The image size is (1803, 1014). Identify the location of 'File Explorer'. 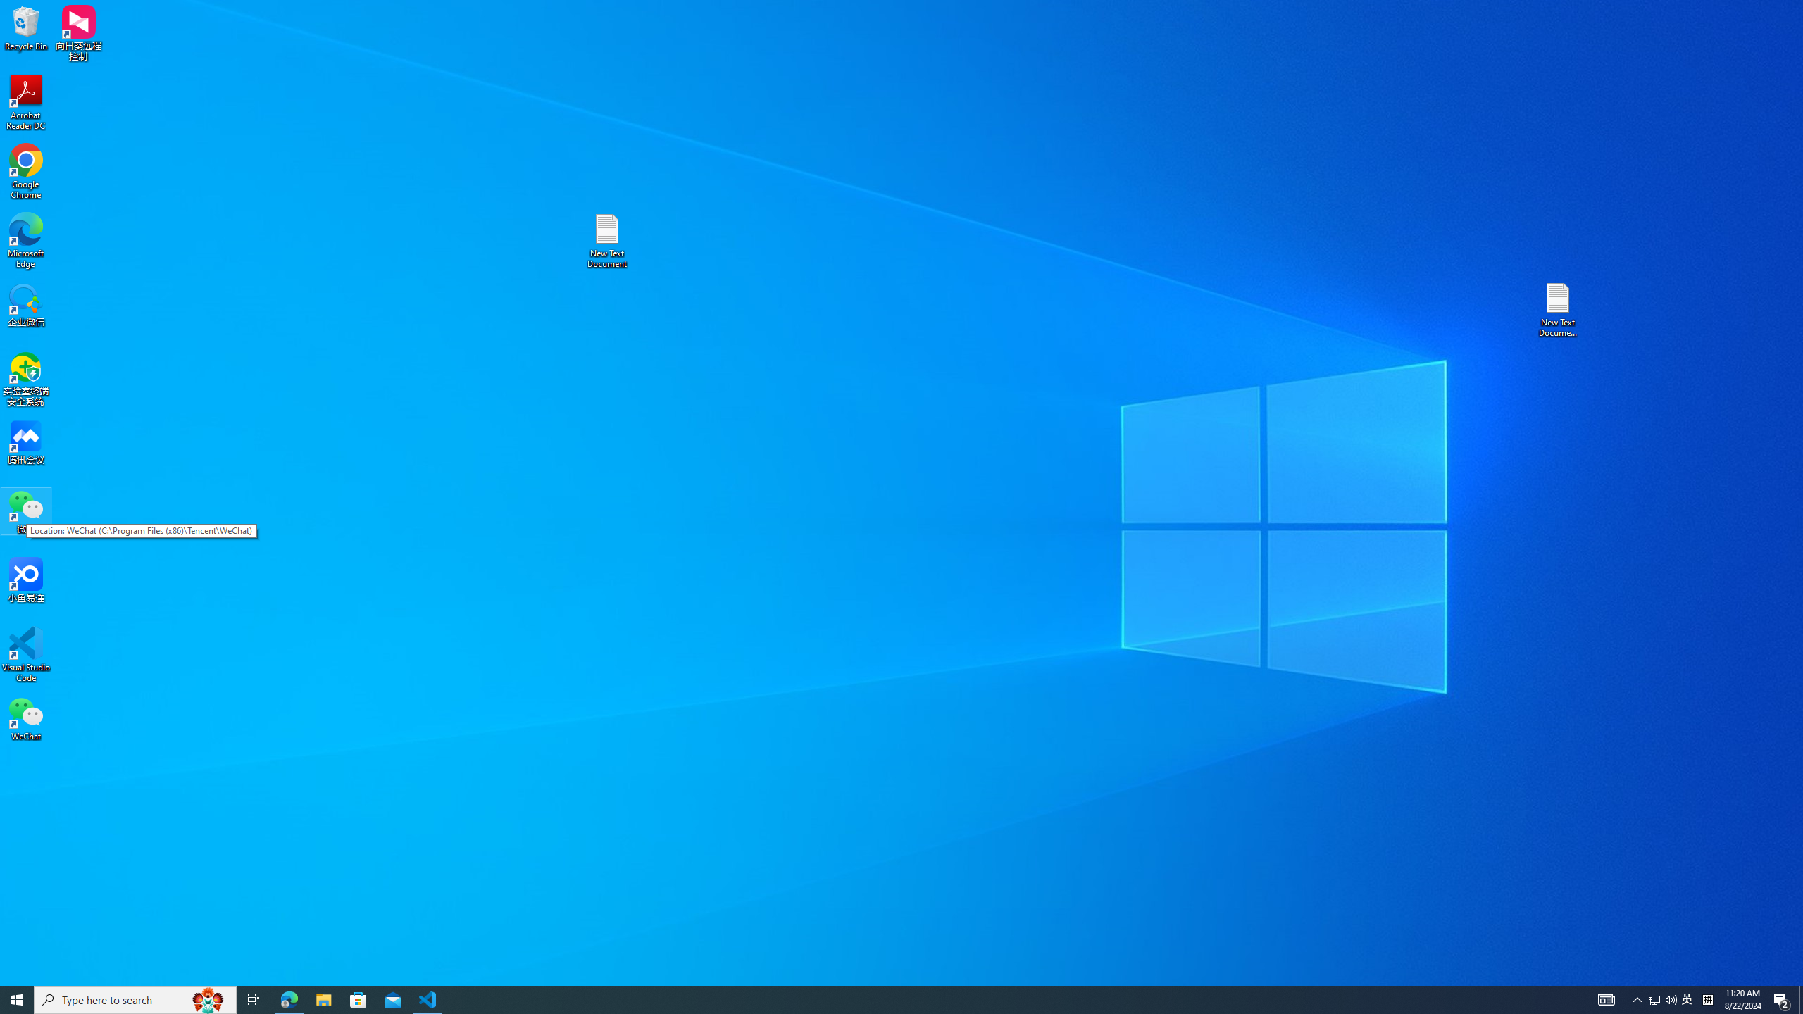
(323, 999).